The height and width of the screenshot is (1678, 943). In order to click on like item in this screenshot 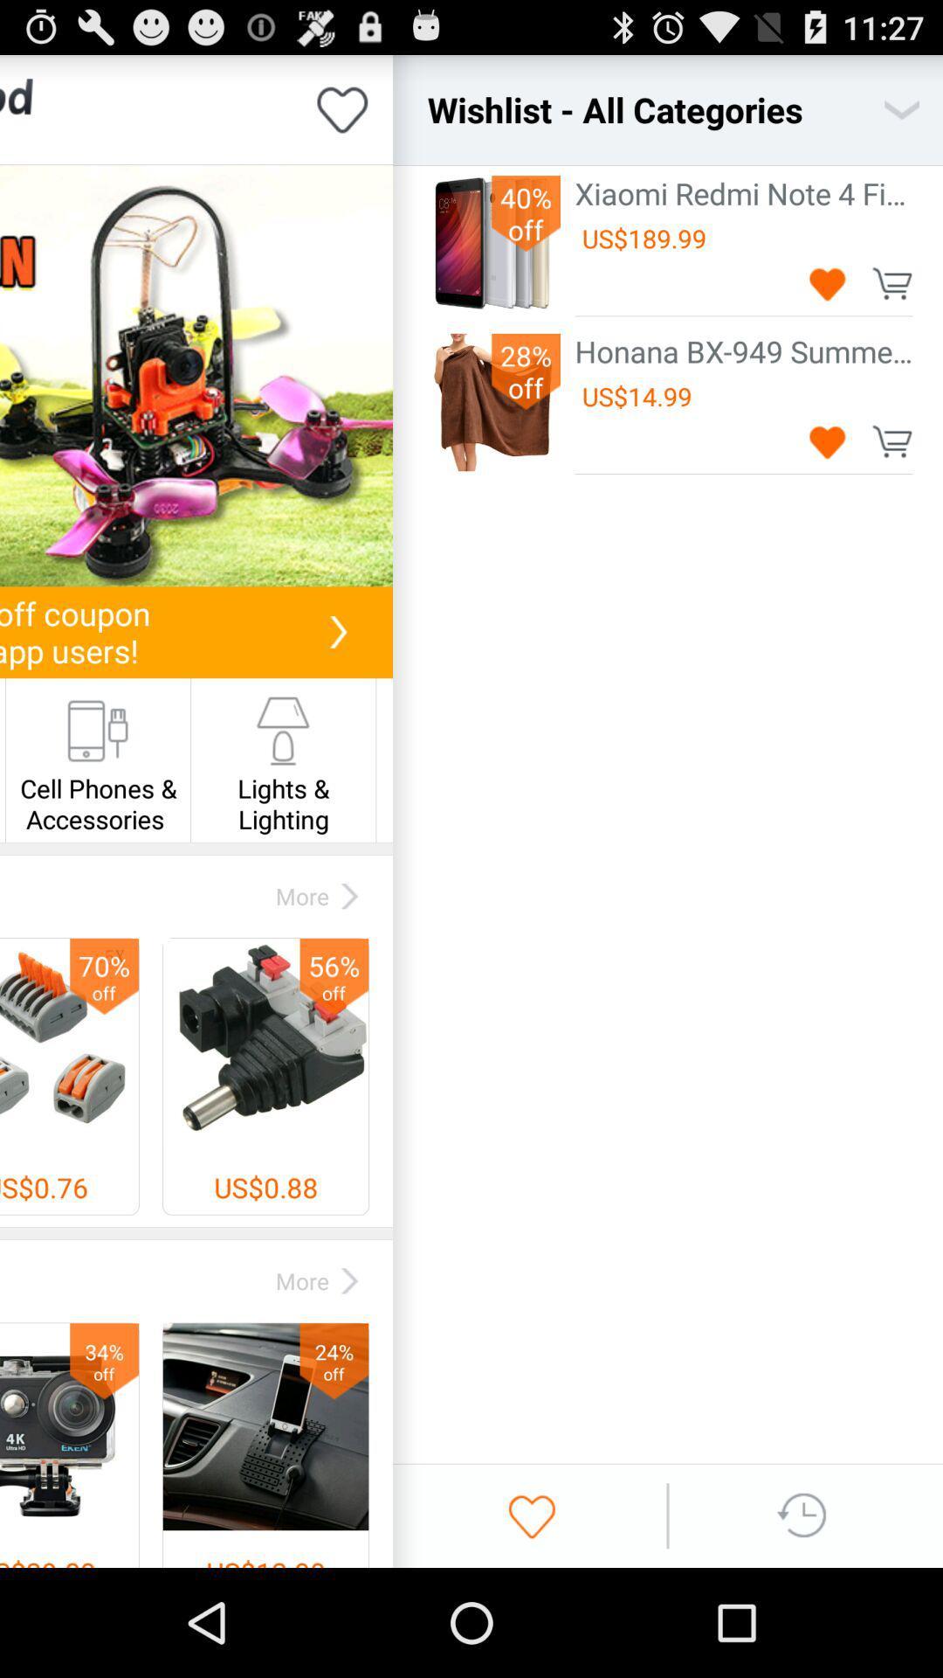, I will do `click(342, 108)`.